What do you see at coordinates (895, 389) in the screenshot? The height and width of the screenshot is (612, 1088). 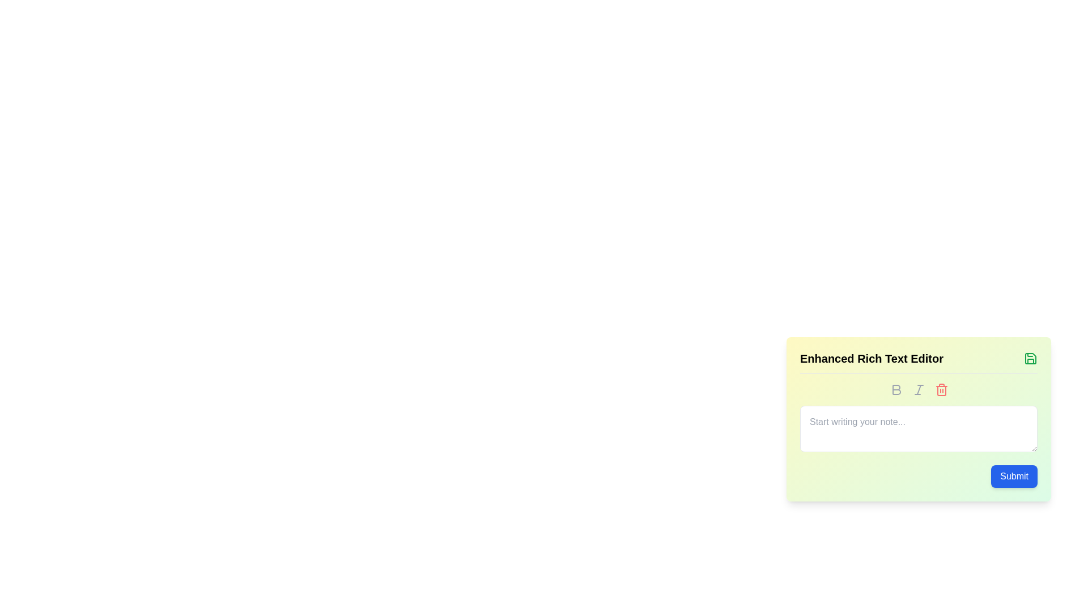 I see `the bold formatting button represented by a stylized 'B' icon in the toolbar of the Enhanced Rich Text Editor` at bounding box center [895, 389].